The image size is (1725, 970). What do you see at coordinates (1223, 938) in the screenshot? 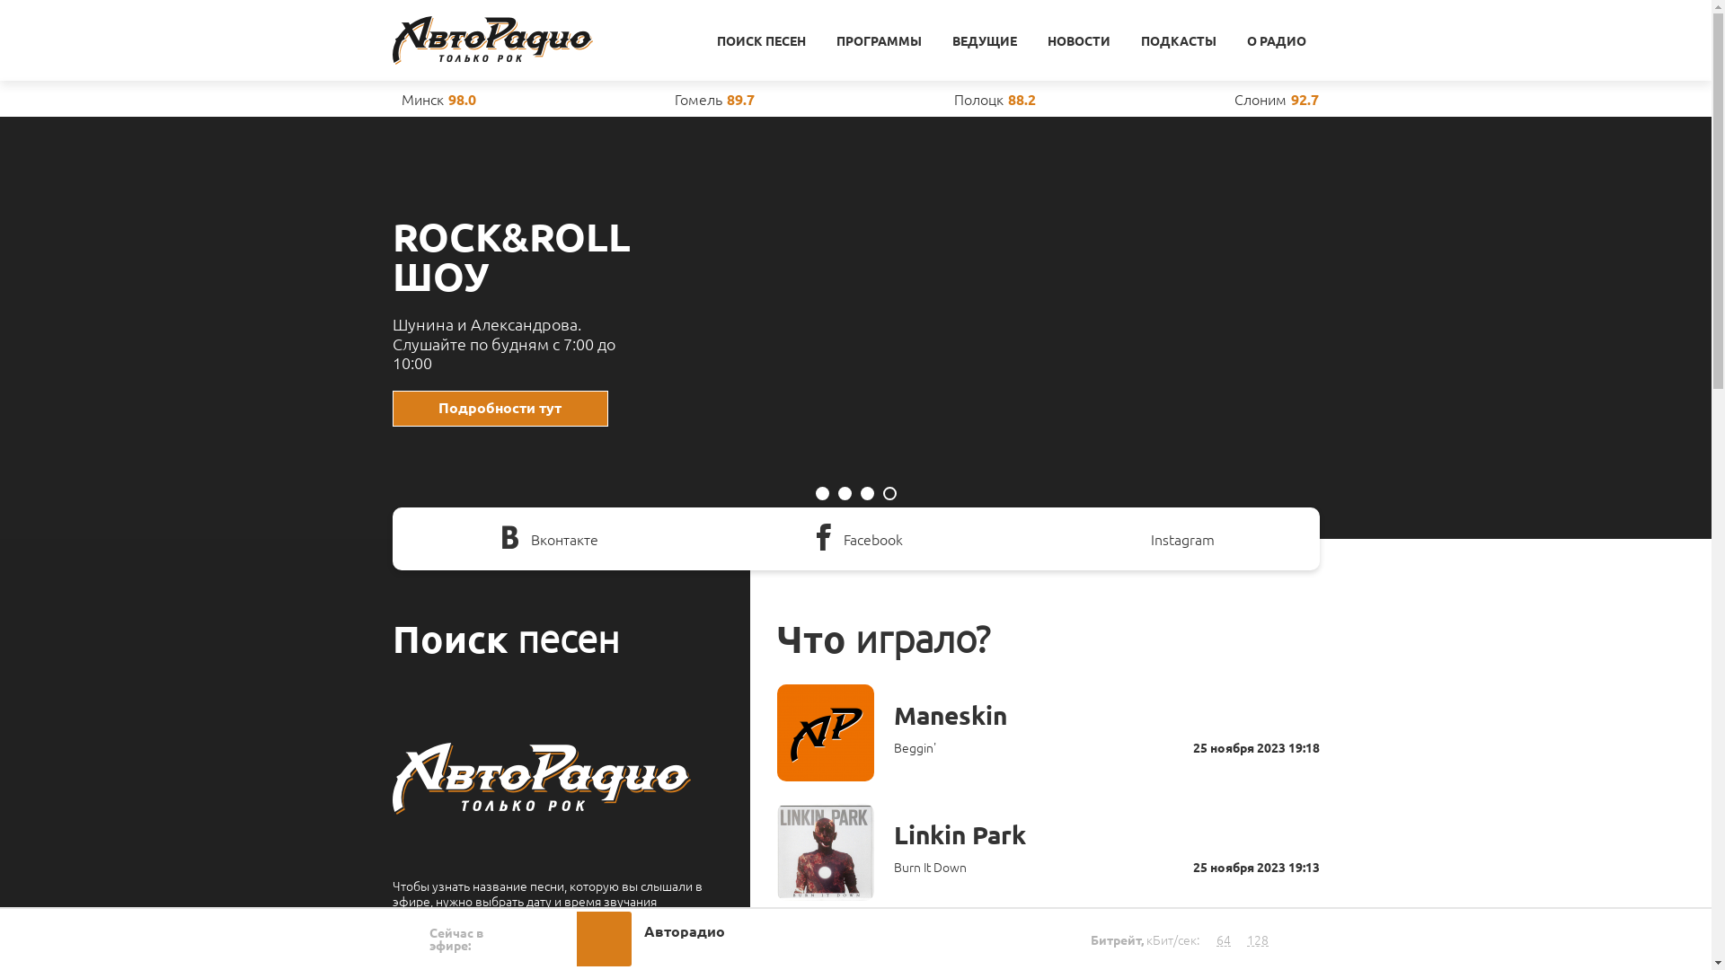
I see `'64'` at bounding box center [1223, 938].